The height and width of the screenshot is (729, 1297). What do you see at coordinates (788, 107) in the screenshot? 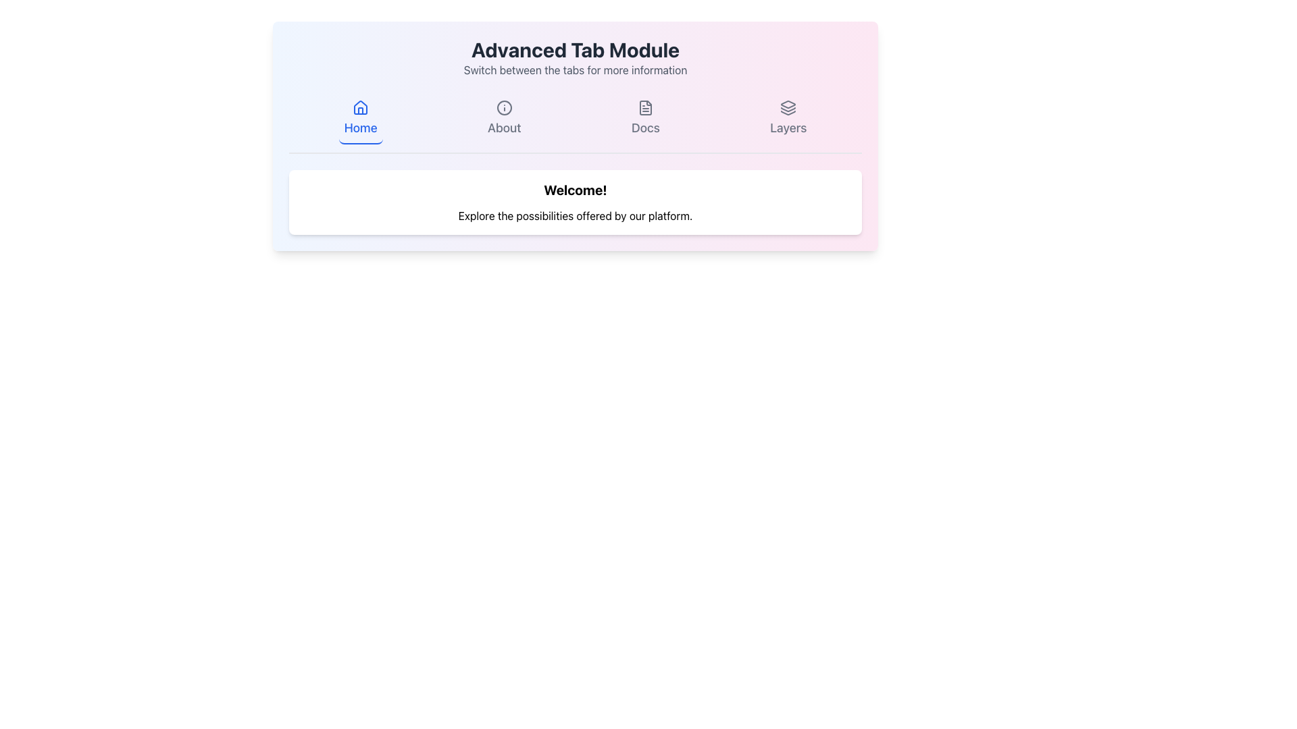
I see `the 'Layers' button icon located in the top right menu panel of the application` at bounding box center [788, 107].